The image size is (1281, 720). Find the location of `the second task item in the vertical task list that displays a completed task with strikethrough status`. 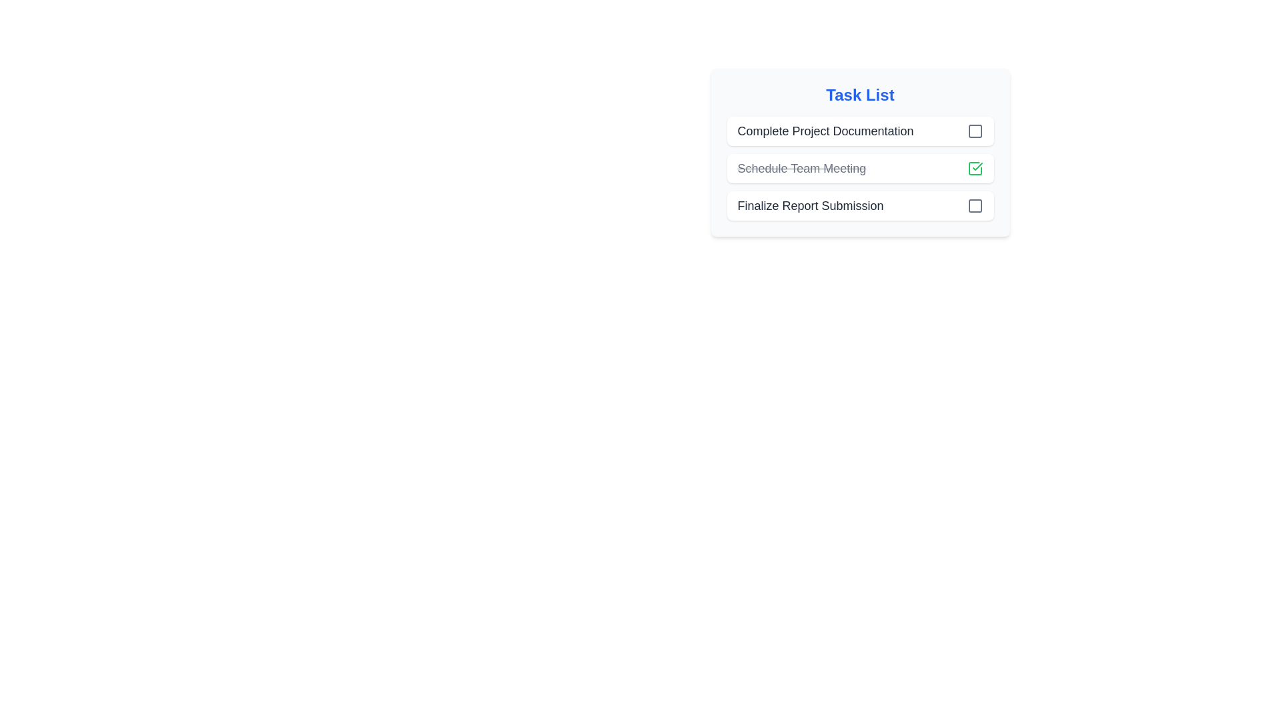

the second task item in the vertical task list that displays a completed task with strikethrough status is located at coordinates (860, 151).